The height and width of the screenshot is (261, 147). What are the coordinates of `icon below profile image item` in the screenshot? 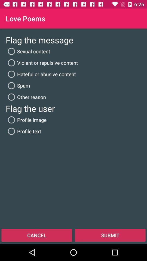 It's located at (23, 131).